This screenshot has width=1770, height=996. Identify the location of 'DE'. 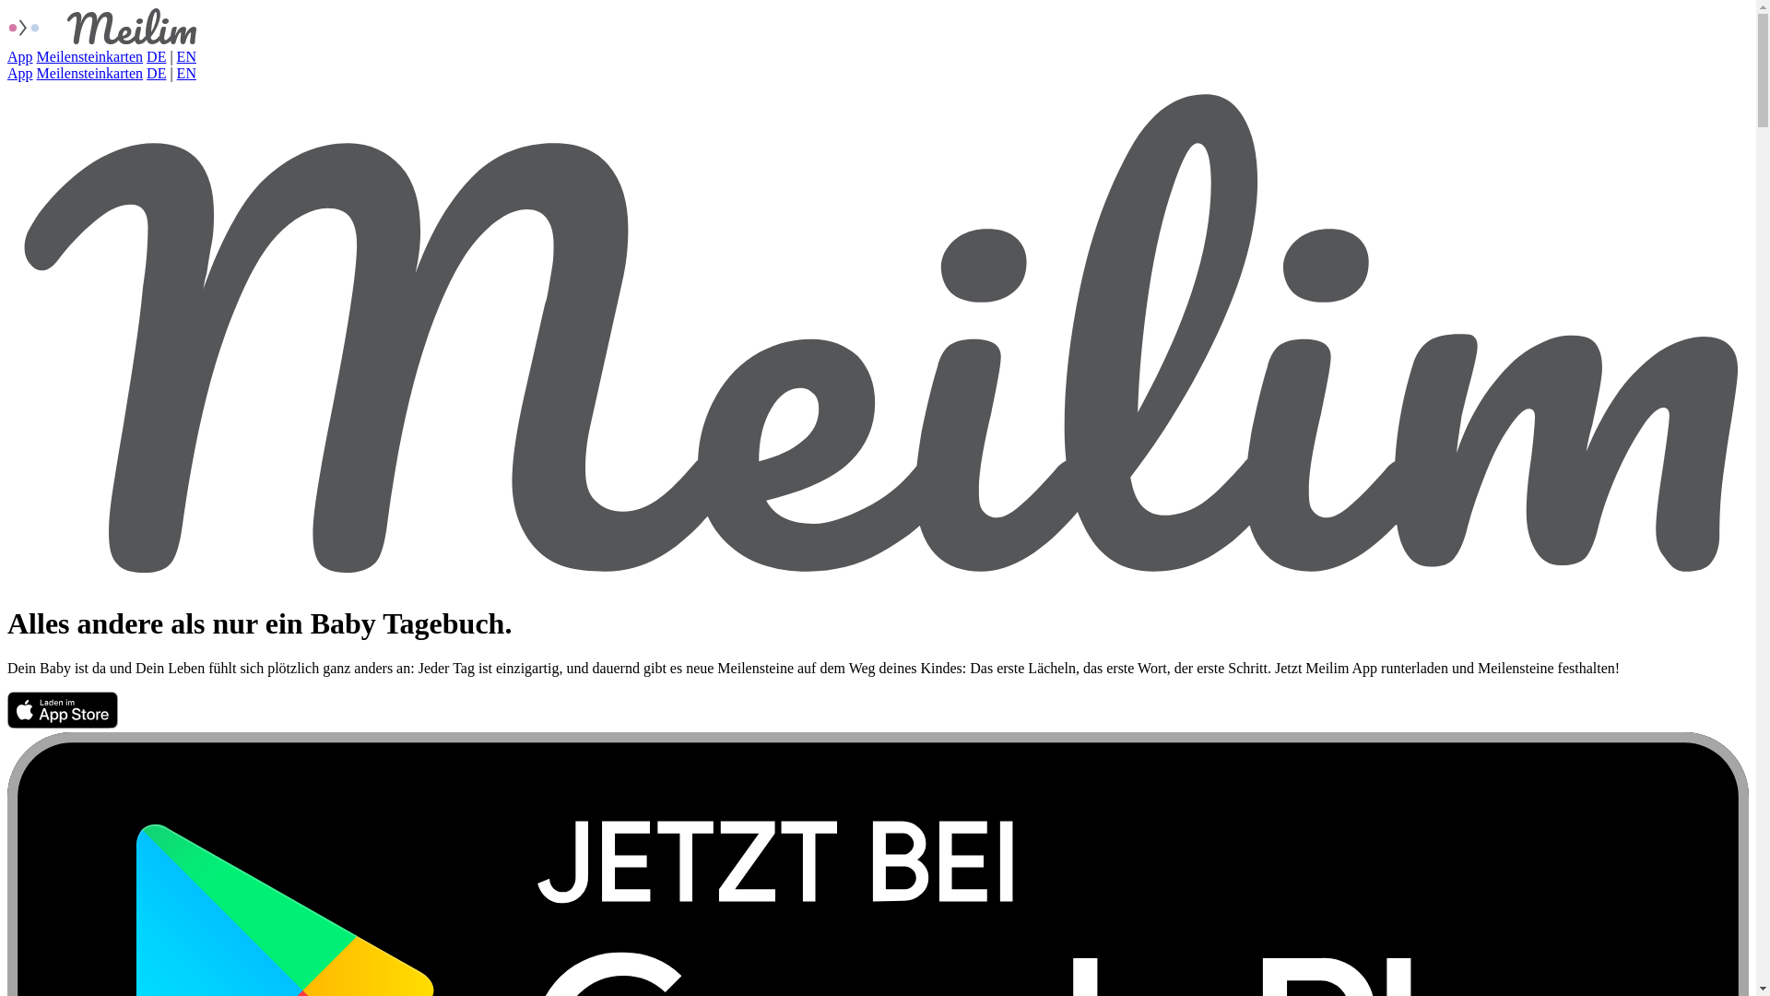
(156, 72).